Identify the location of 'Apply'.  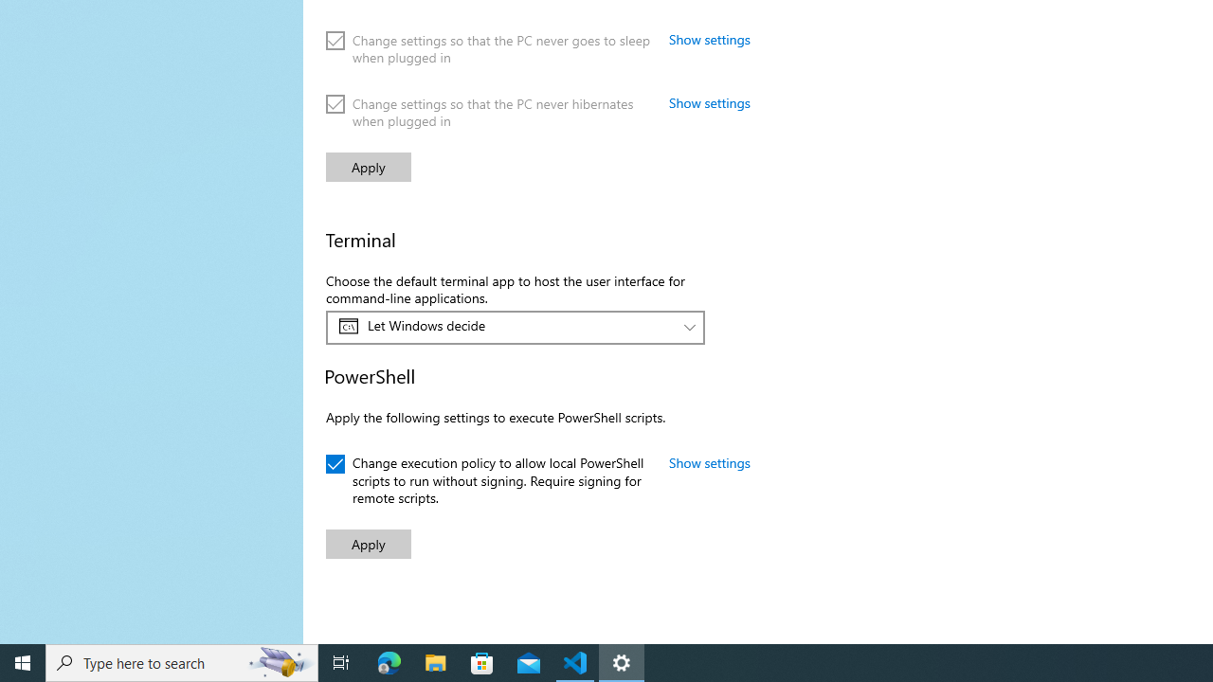
(369, 544).